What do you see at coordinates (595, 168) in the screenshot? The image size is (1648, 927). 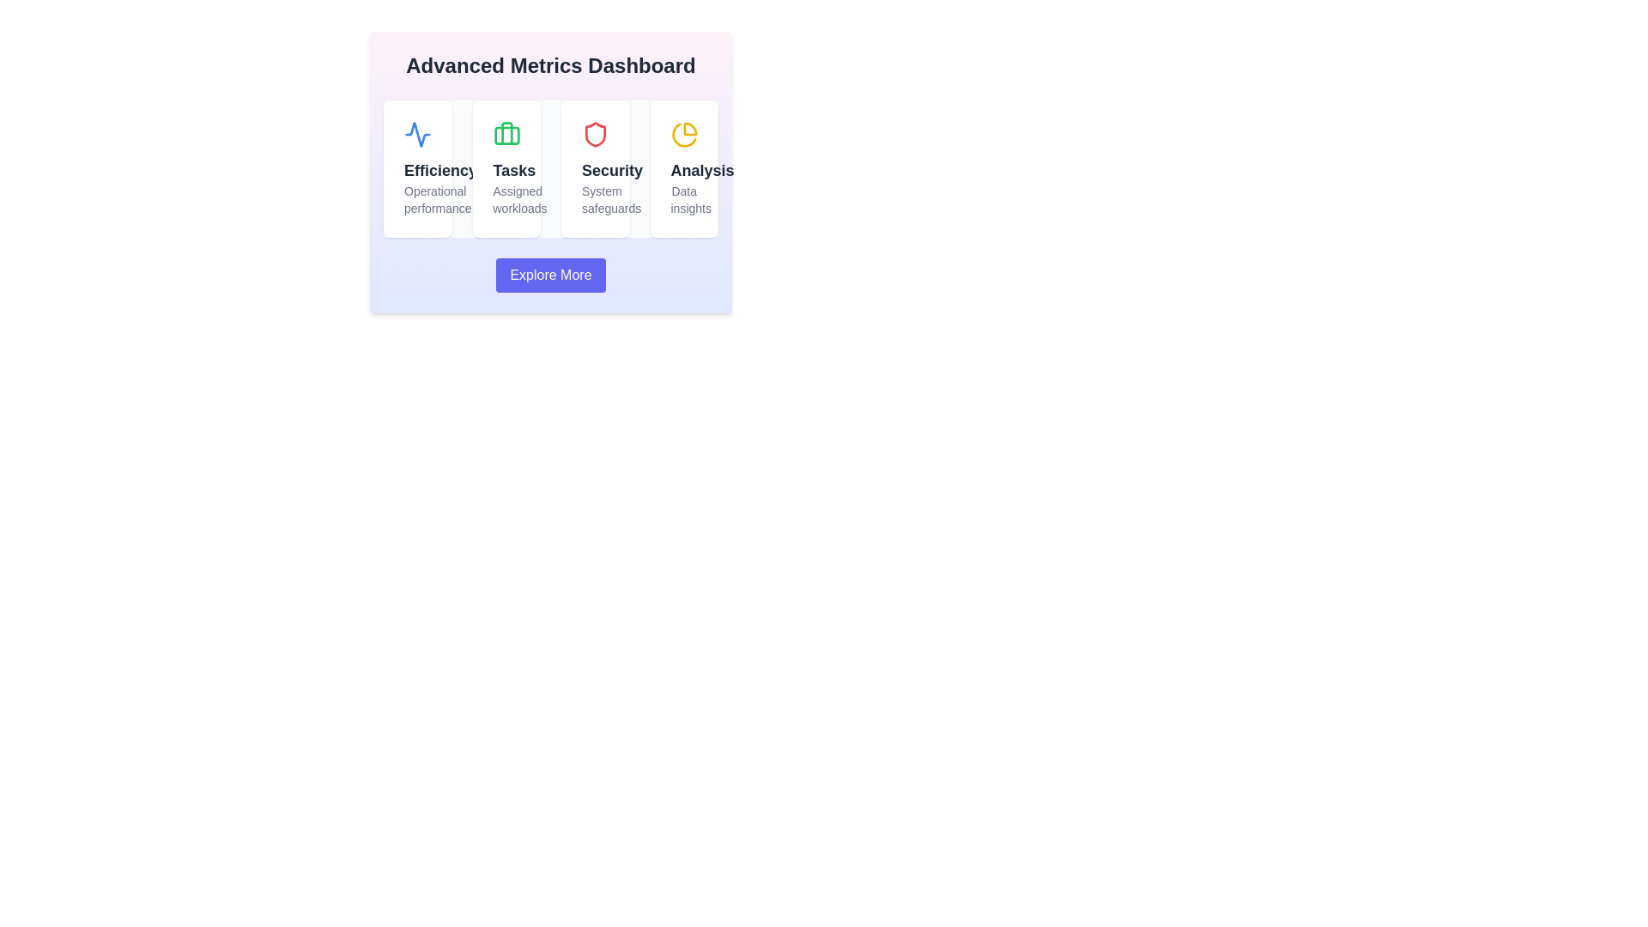 I see `the Information Card that contains a red shield icon and the text 'Security' and 'System safeguards', which is the third item in a grid layout` at bounding box center [595, 168].